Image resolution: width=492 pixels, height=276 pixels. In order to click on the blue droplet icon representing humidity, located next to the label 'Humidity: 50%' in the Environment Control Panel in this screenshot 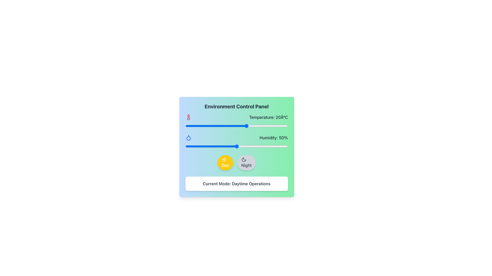, I will do `click(188, 137)`.